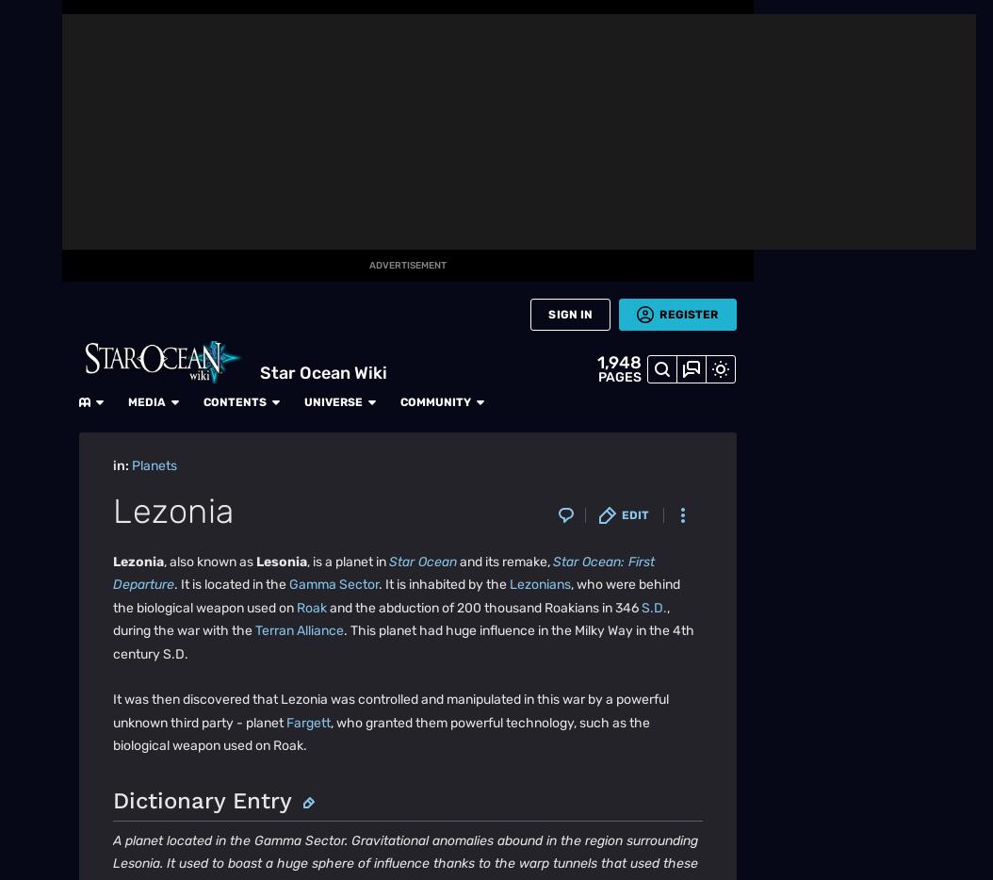 The width and height of the screenshot is (993, 880). I want to click on 'Opera Vectra', so click(215, 32).